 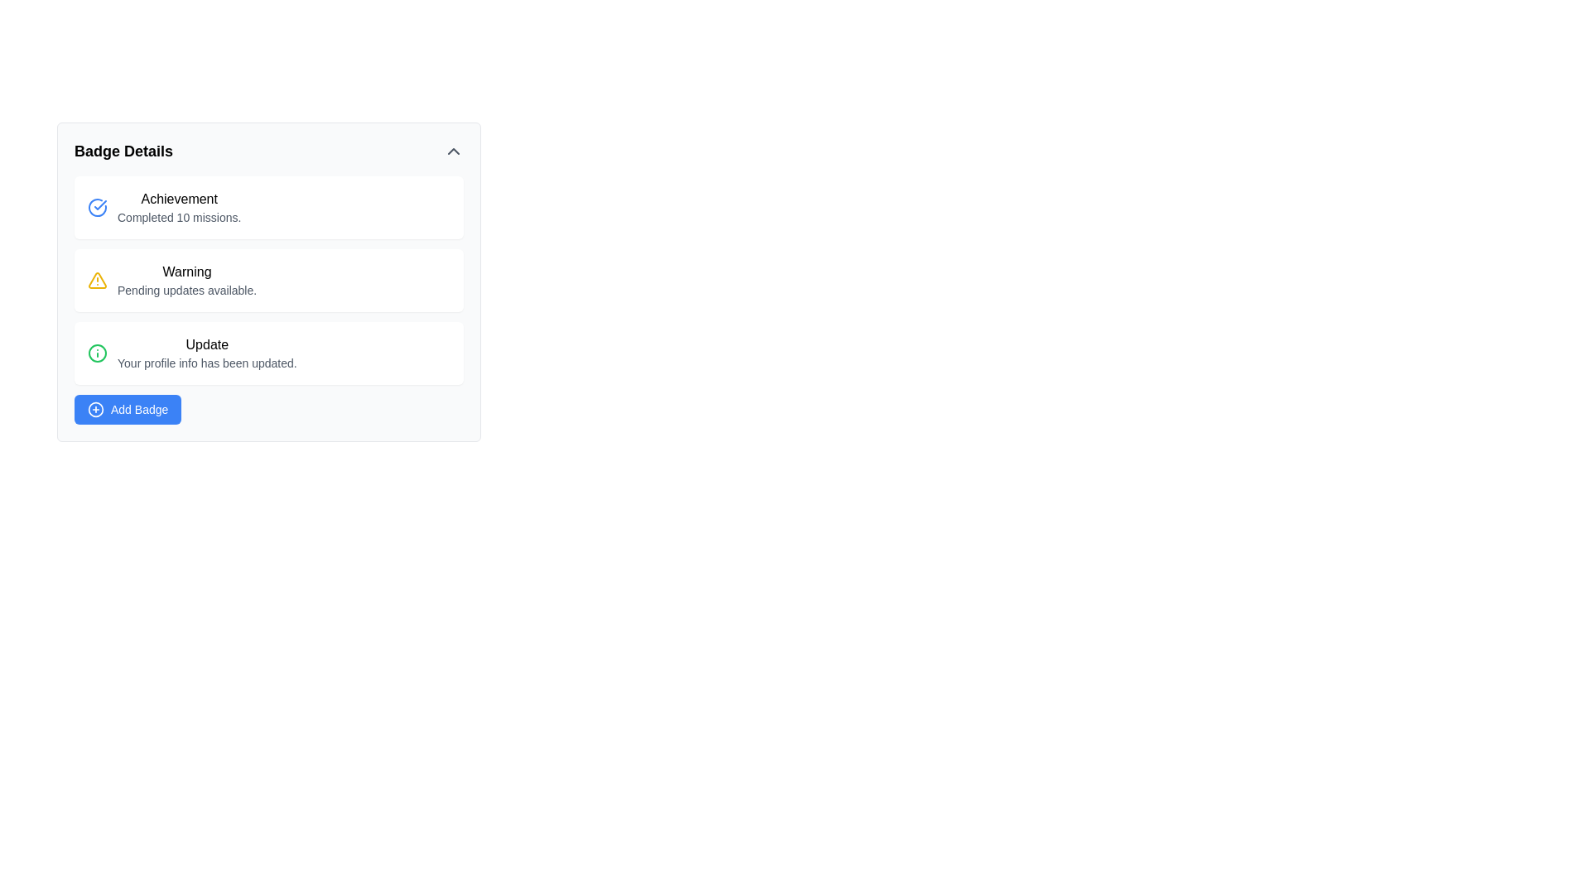 What do you see at coordinates (99, 204) in the screenshot?
I see `the small blue checkmark icon within the circular badge located next to the 'Achievement' badge text in the upper-left section of the 'Badge Details' card` at bounding box center [99, 204].